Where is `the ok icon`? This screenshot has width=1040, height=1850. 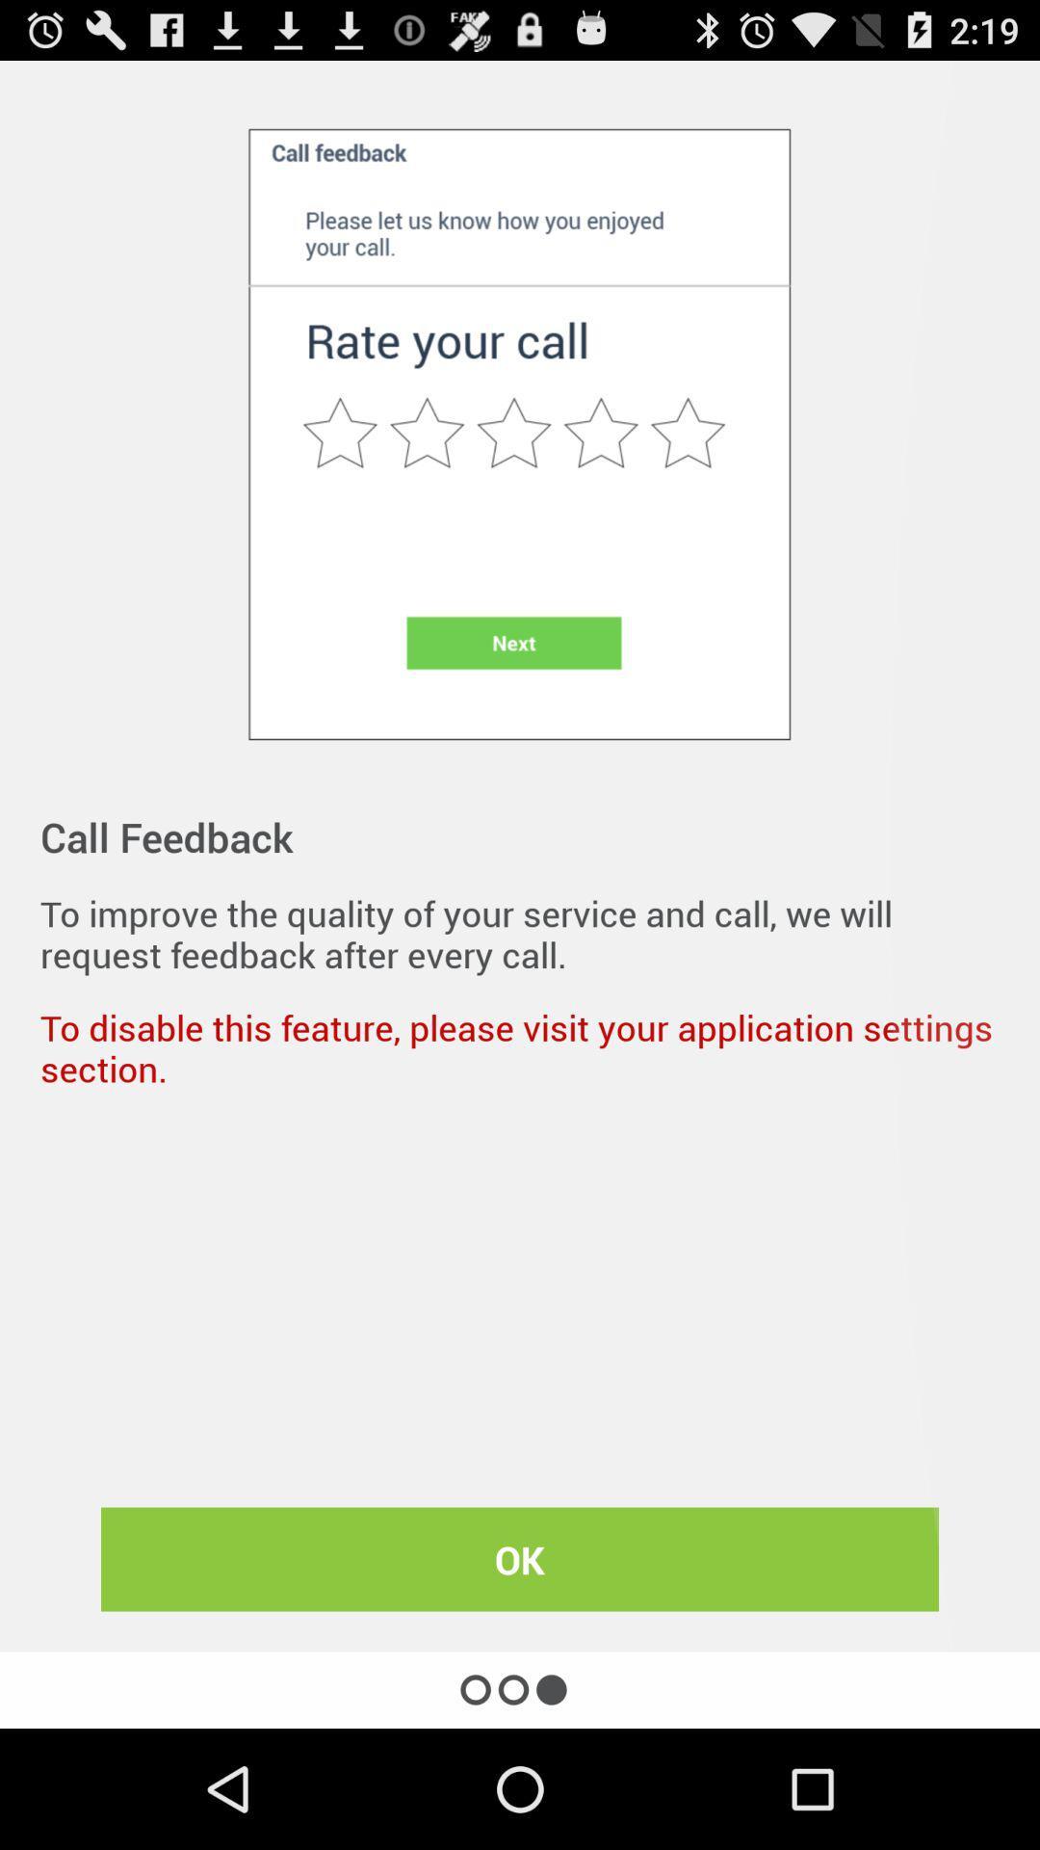 the ok icon is located at coordinates (520, 1559).